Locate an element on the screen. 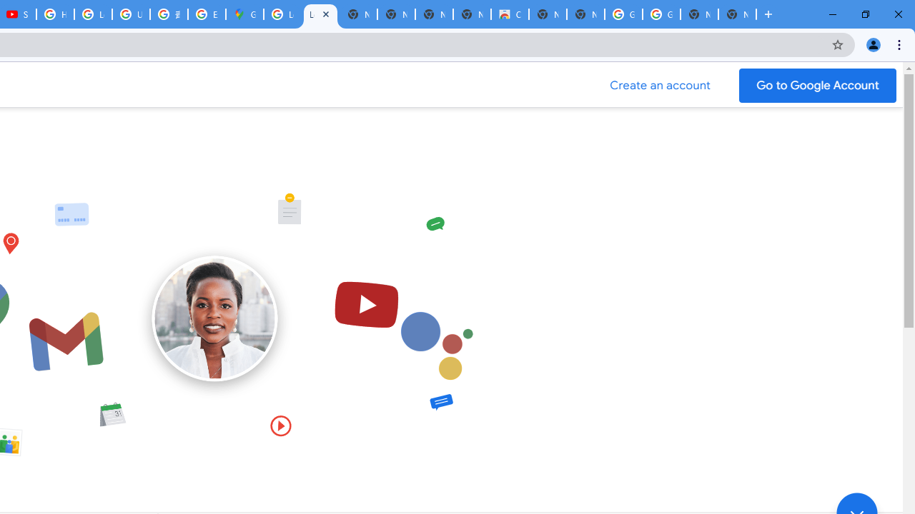  'How Chrome protects your passwords - Google Chrome Help' is located at coordinates (55, 14).